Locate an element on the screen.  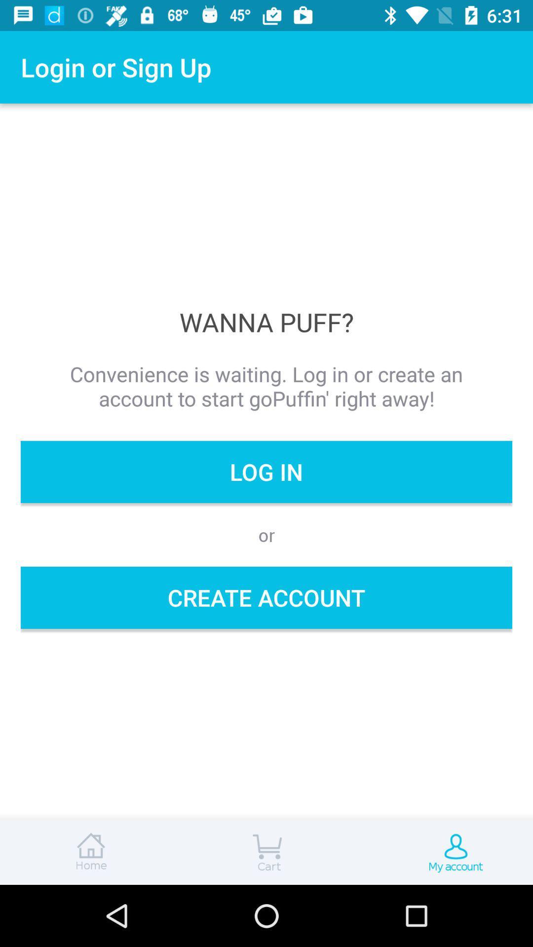
home is located at coordinates (89, 852).